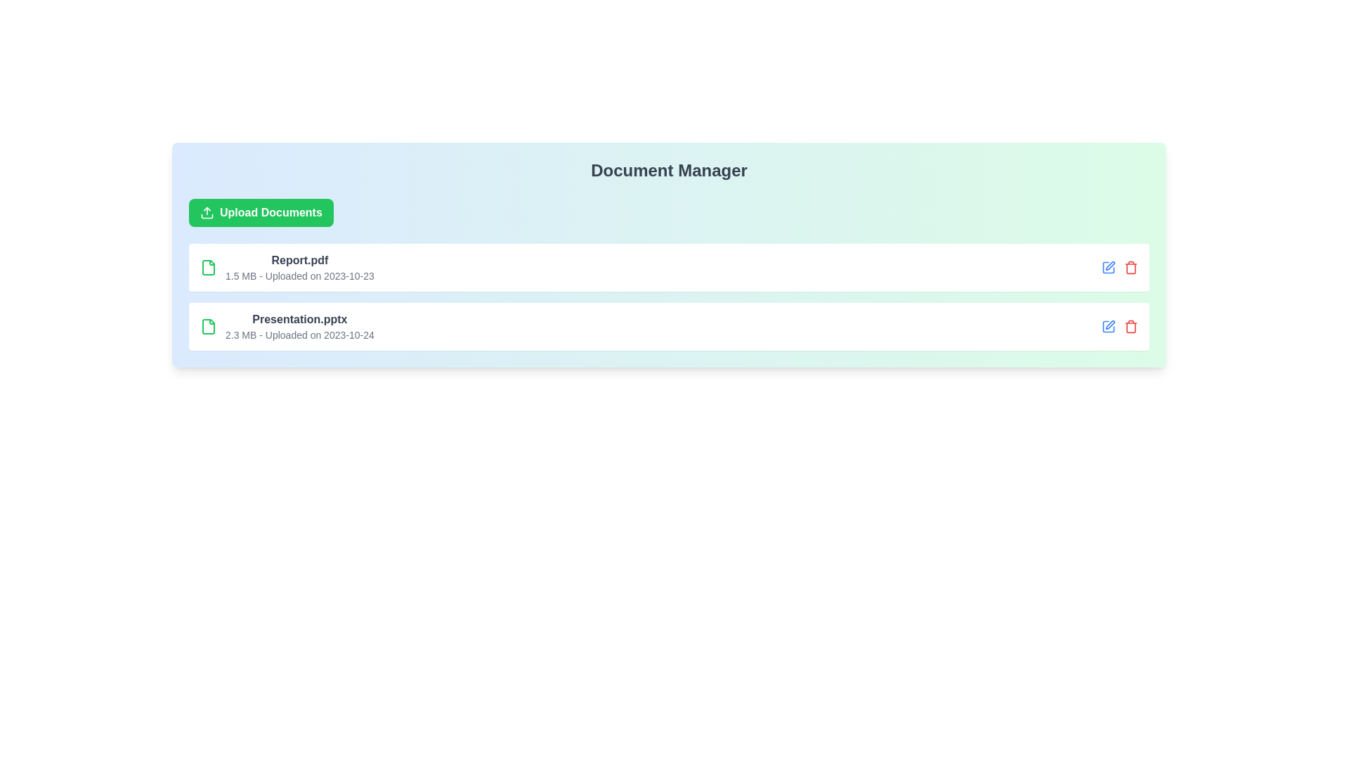  I want to click on the 'Upload Documents' button icon, which is a green rectangular button located in the top-left section of the file upload interface, visually indicating the file upload functionality, so click(206, 213).